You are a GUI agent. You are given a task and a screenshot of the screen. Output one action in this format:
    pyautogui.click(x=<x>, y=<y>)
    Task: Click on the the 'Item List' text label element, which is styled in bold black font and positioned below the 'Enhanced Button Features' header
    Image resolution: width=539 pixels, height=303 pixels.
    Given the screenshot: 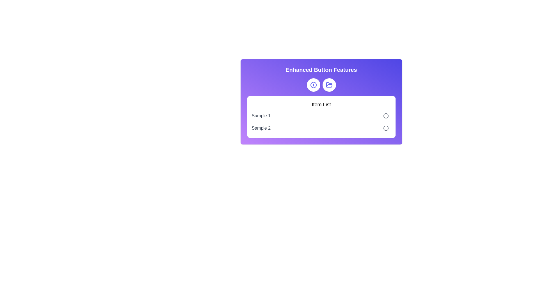 What is the action you would take?
    pyautogui.click(x=321, y=105)
    